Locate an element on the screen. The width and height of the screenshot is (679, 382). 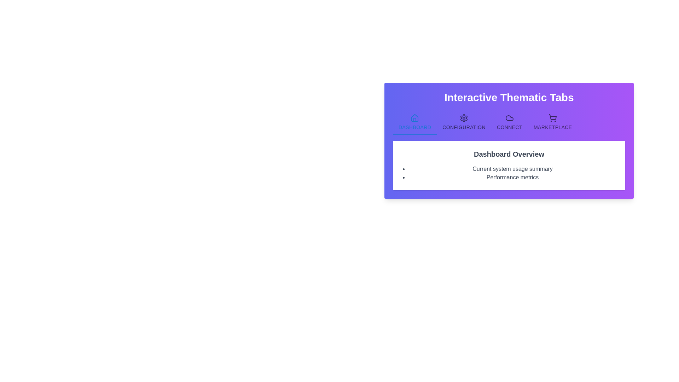
the third tab labeled 'Connect' is located at coordinates (509, 122).